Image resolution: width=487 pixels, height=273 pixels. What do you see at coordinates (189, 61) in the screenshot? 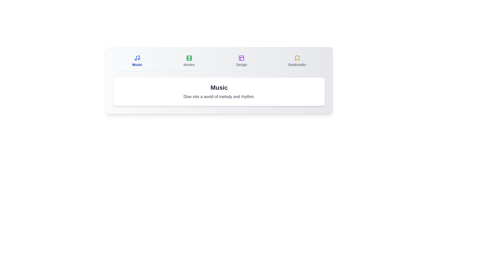
I see `the tab labeled Movies to switch to it` at bounding box center [189, 61].